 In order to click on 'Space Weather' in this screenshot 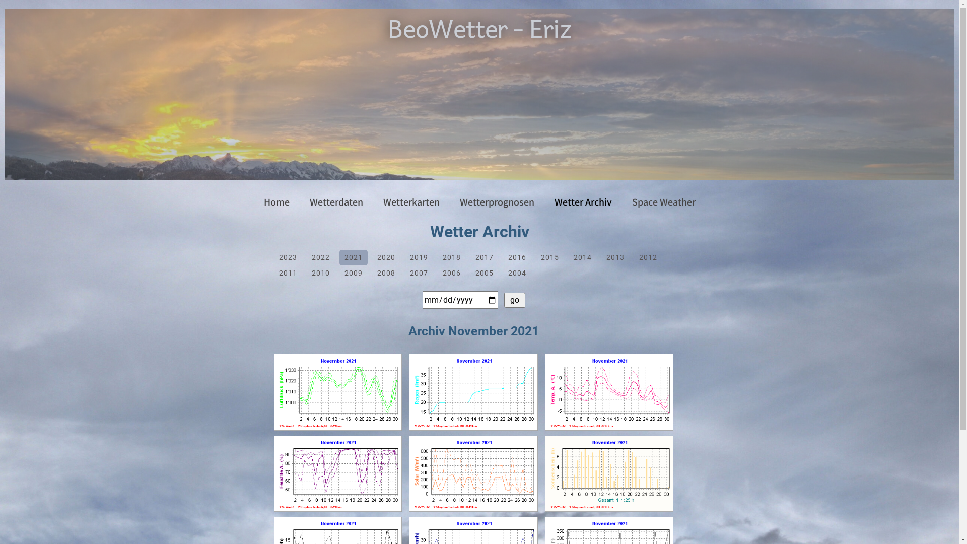, I will do `click(664, 202)`.